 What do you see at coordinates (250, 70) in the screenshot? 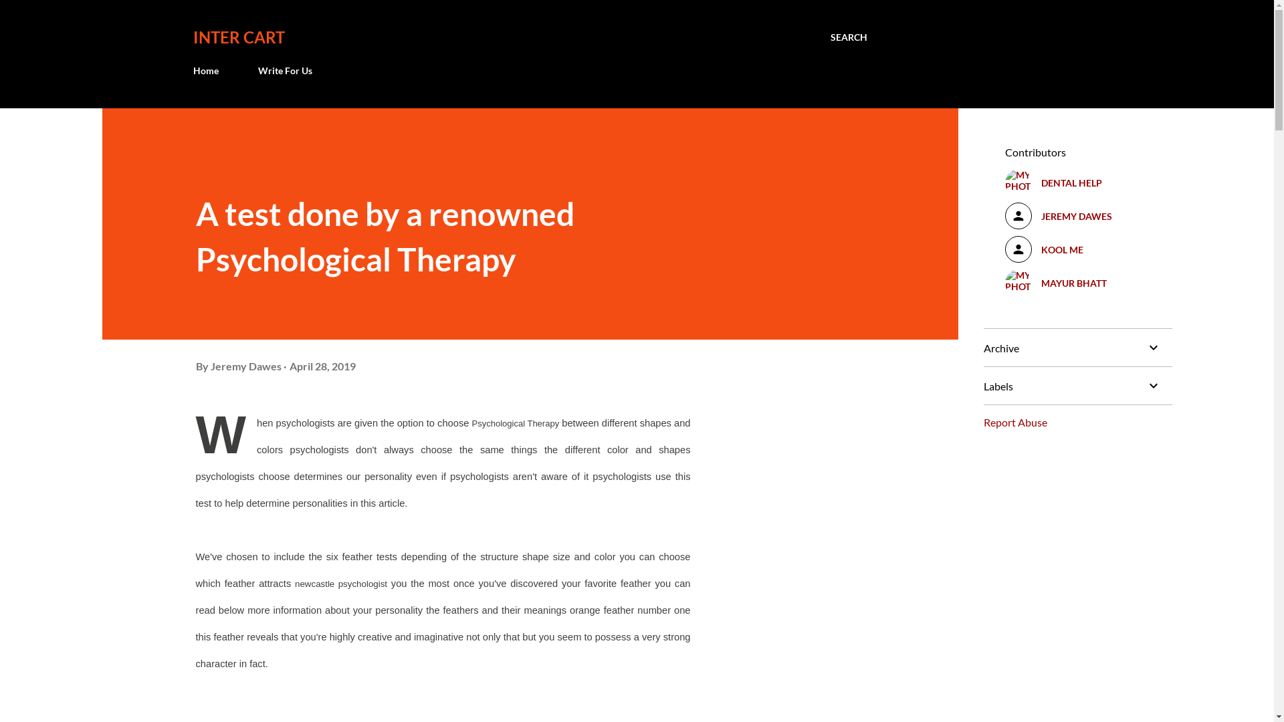
I see `'Write For Us'` at bounding box center [250, 70].